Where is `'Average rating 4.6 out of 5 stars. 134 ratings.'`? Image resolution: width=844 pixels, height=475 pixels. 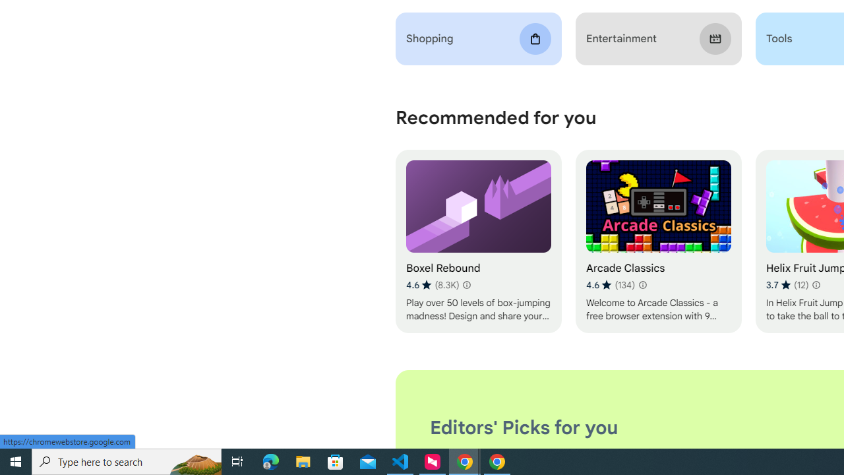 'Average rating 4.6 out of 5 stars. 134 ratings.' is located at coordinates (609, 284).